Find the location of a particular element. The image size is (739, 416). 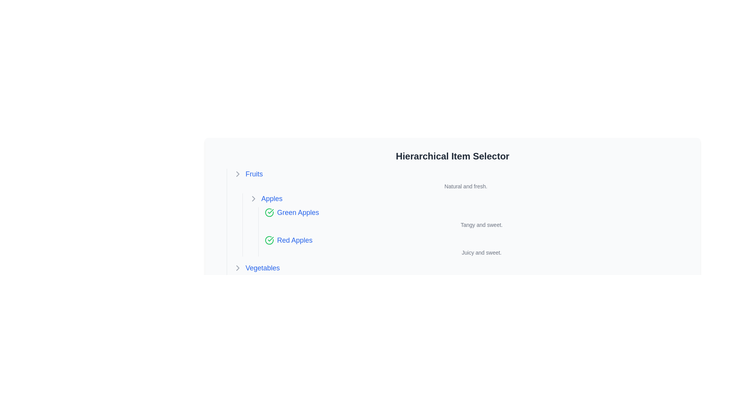

the right-pointing chevron icon within the 'Vegetables' item in the hierarchical navigation menu is located at coordinates (237, 267).